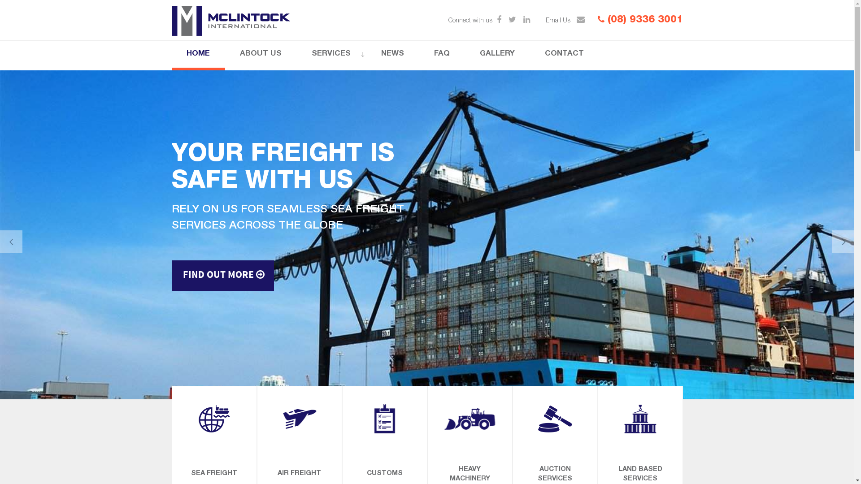  I want to click on '(08) 9336 3001', so click(639, 20).